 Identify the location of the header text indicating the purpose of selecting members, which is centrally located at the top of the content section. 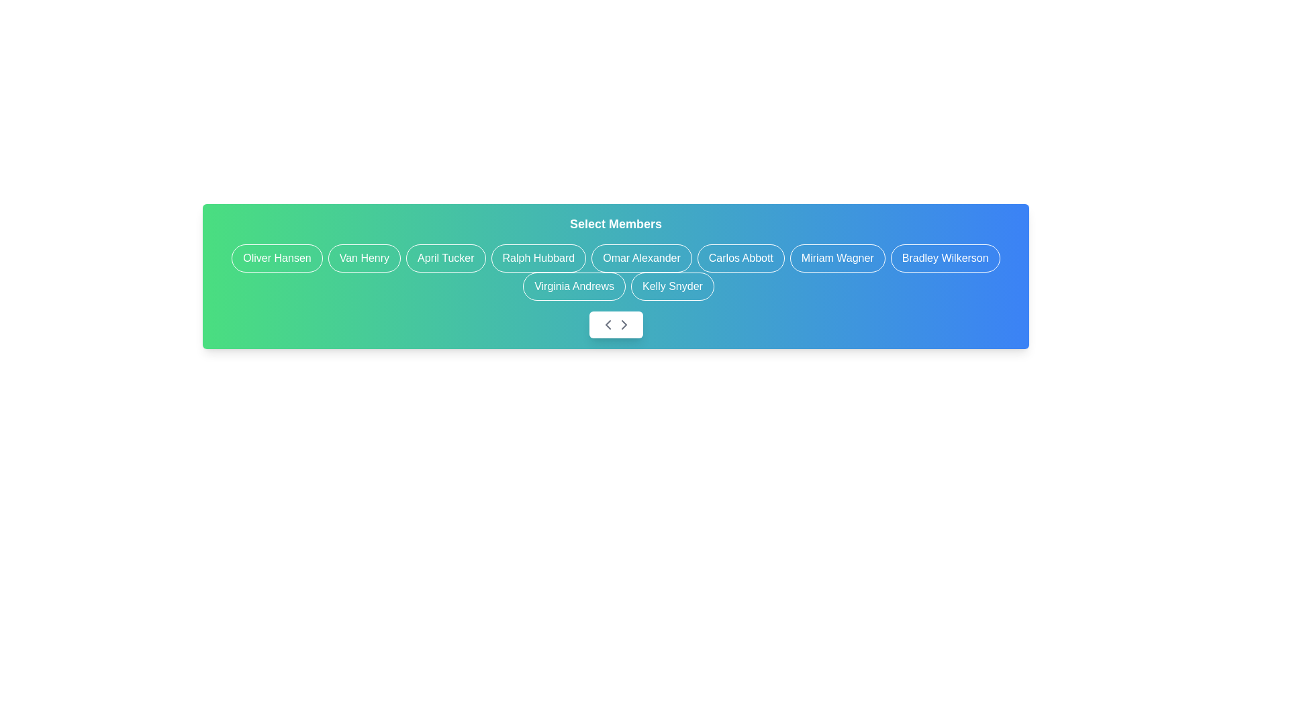
(615, 224).